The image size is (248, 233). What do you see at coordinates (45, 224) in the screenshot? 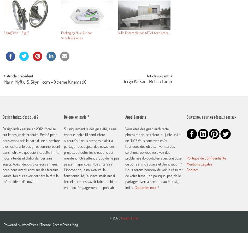
I see `'| Theme:'` at bounding box center [45, 224].